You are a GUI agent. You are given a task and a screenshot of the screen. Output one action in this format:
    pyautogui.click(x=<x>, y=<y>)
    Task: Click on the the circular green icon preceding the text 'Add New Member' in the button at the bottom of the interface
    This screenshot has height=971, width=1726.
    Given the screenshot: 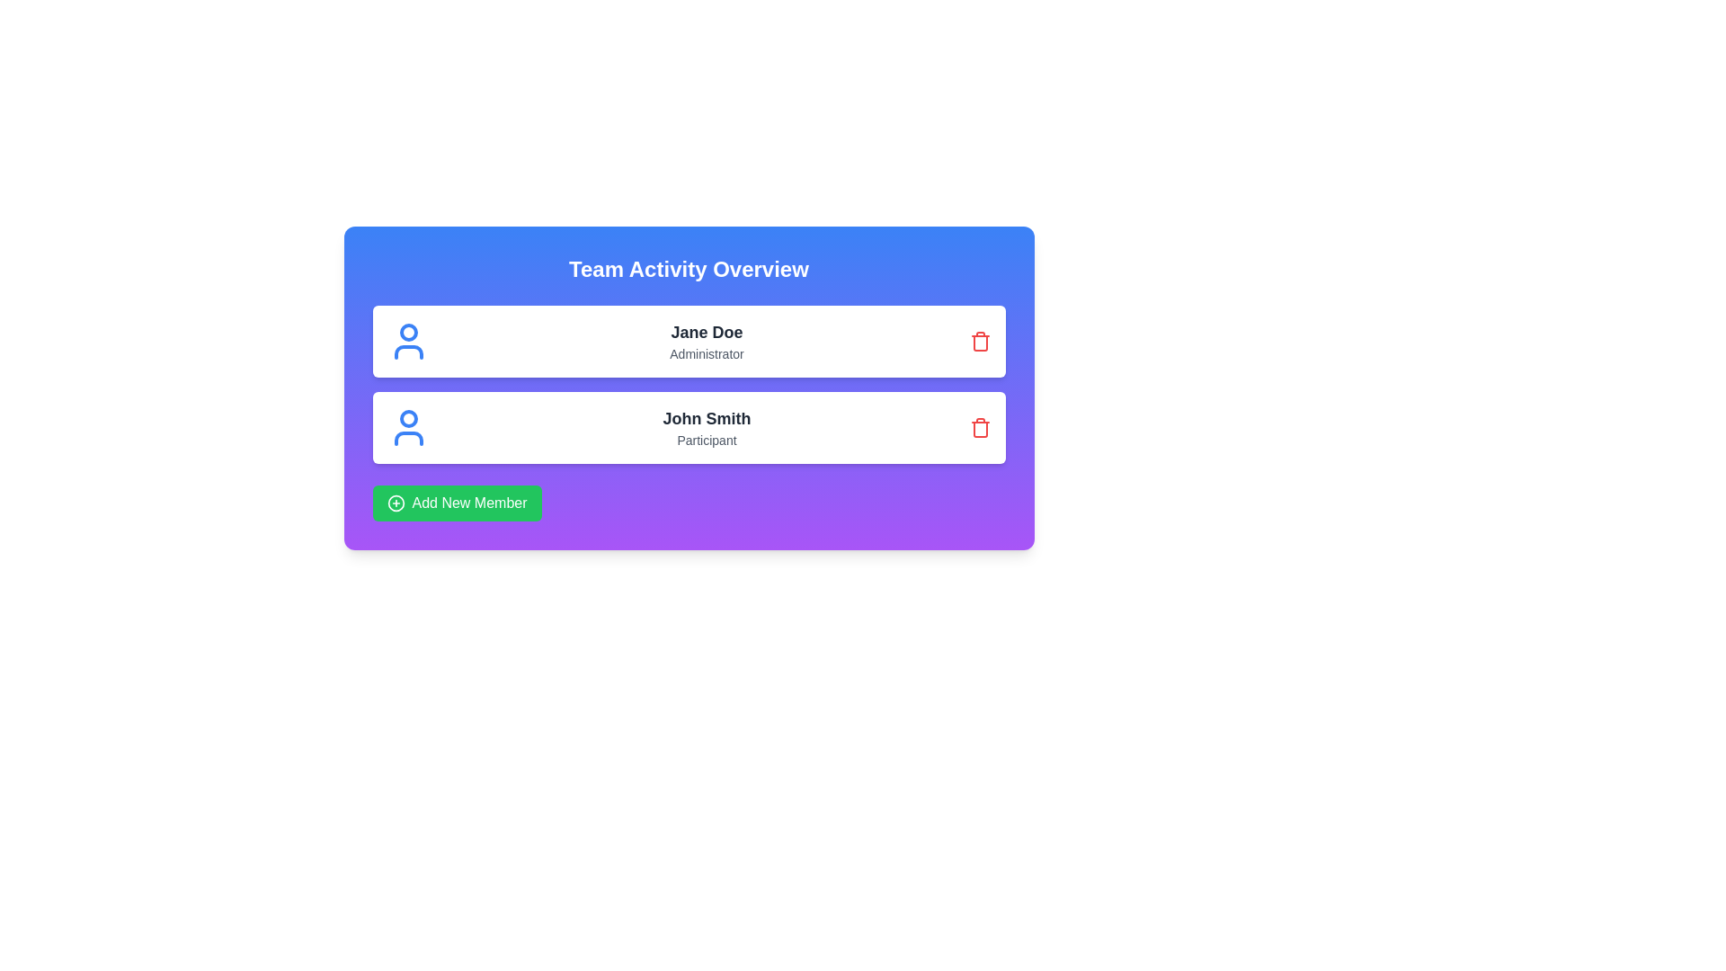 What is the action you would take?
    pyautogui.click(x=395, y=503)
    